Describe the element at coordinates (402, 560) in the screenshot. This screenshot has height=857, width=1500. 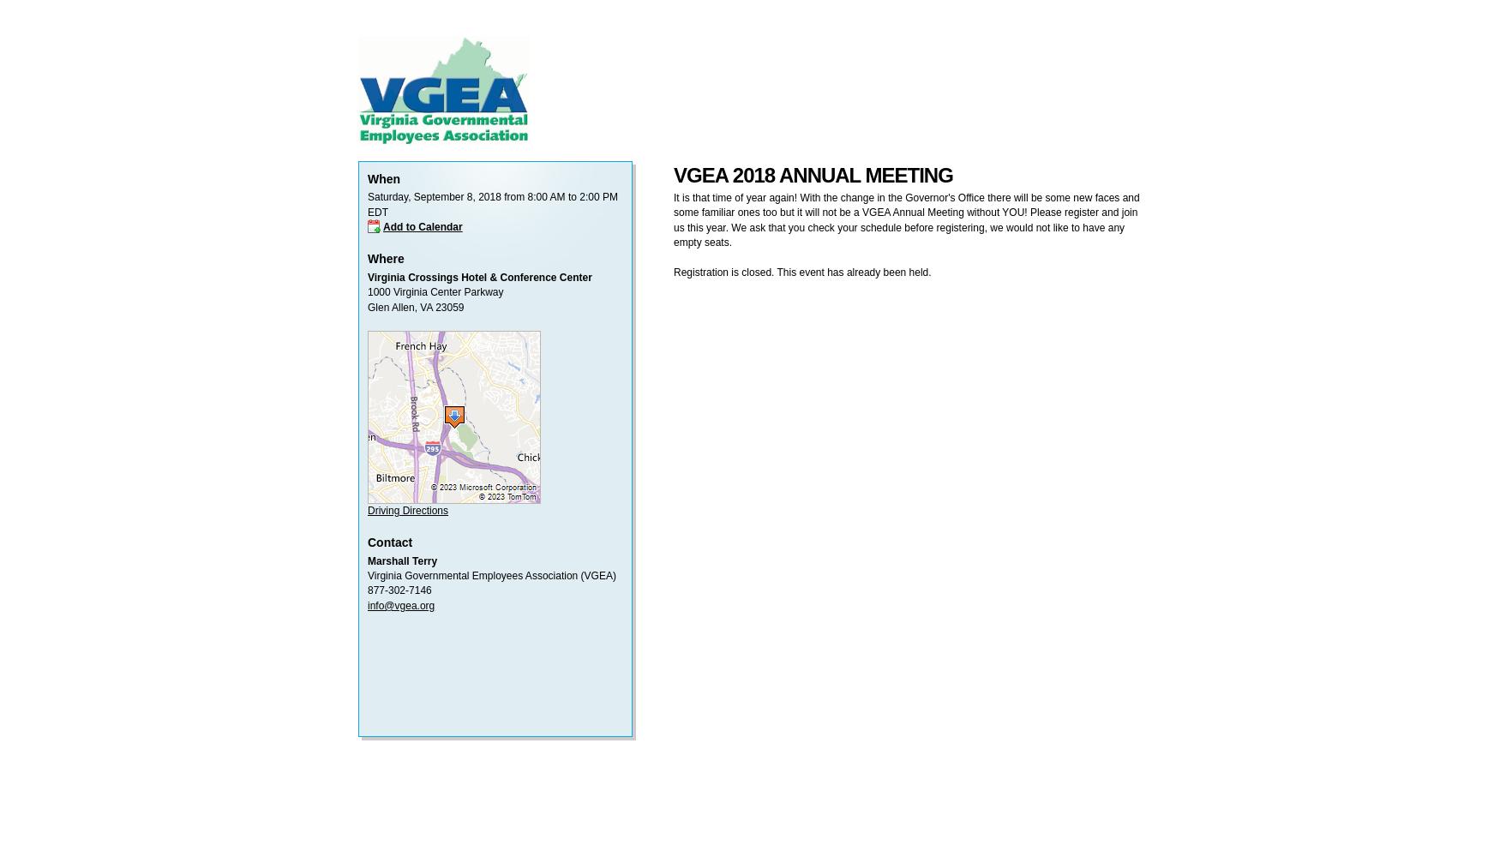
I see `'Marshall Terry'` at that location.